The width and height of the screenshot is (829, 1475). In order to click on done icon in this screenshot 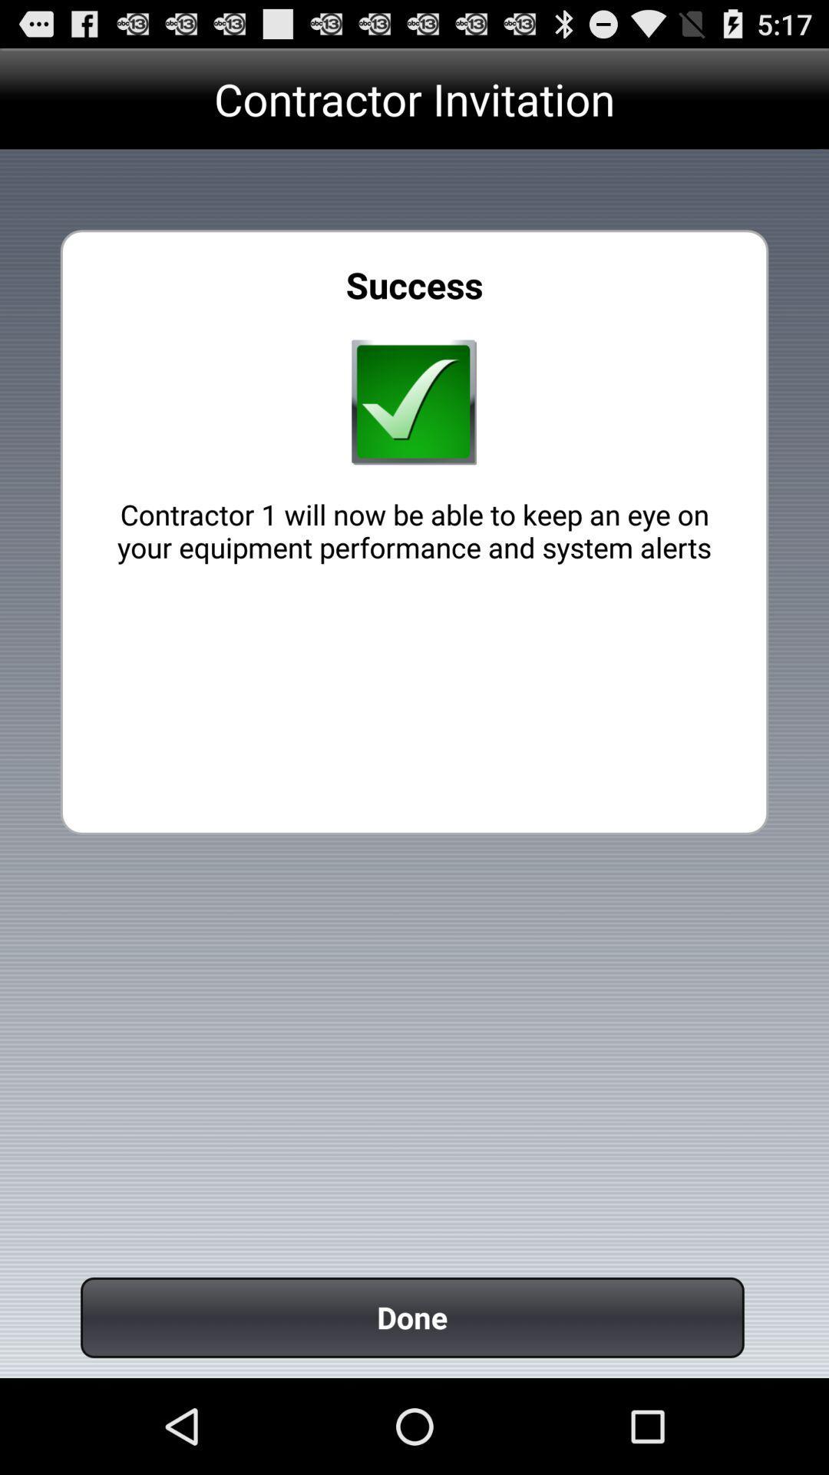, I will do `click(411, 1317)`.